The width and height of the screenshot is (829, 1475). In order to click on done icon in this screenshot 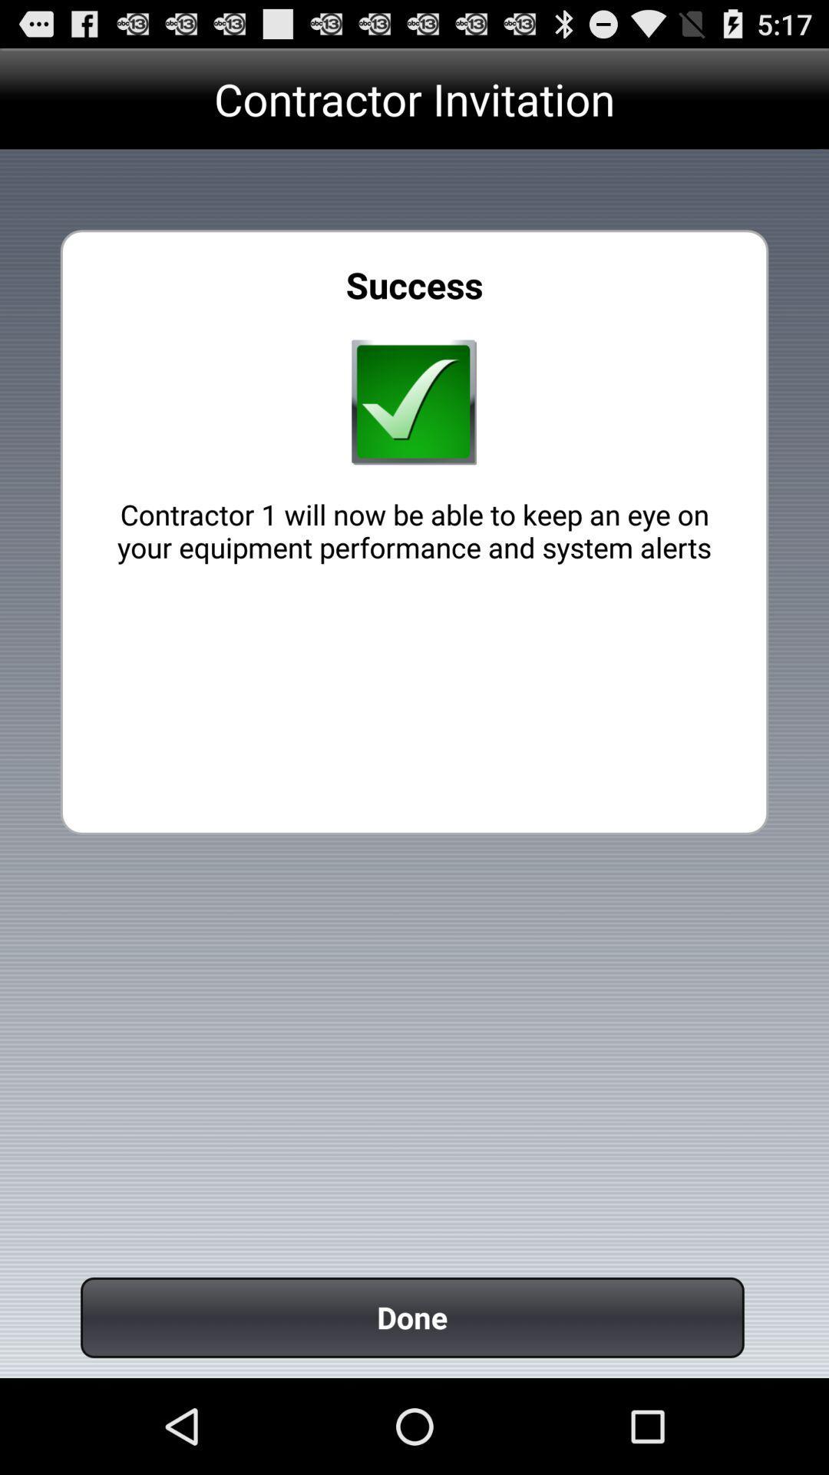, I will do `click(411, 1317)`.